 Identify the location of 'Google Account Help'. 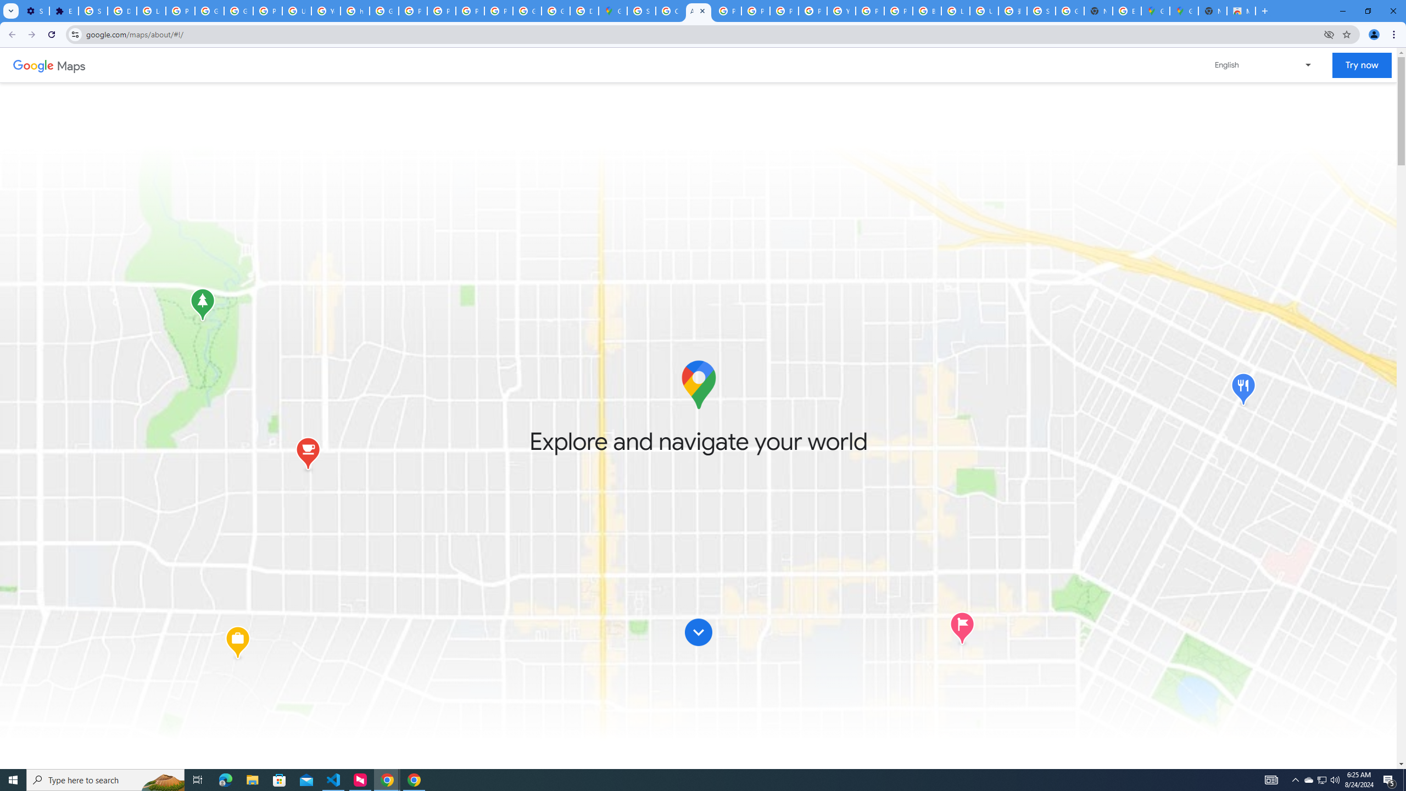
(209, 10).